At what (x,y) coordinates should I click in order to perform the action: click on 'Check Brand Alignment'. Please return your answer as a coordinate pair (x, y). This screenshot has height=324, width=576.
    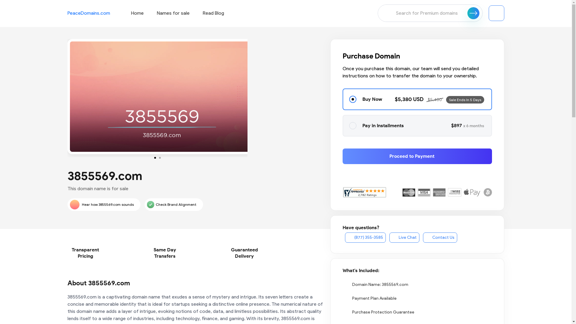
    Looking at the image, I should click on (173, 204).